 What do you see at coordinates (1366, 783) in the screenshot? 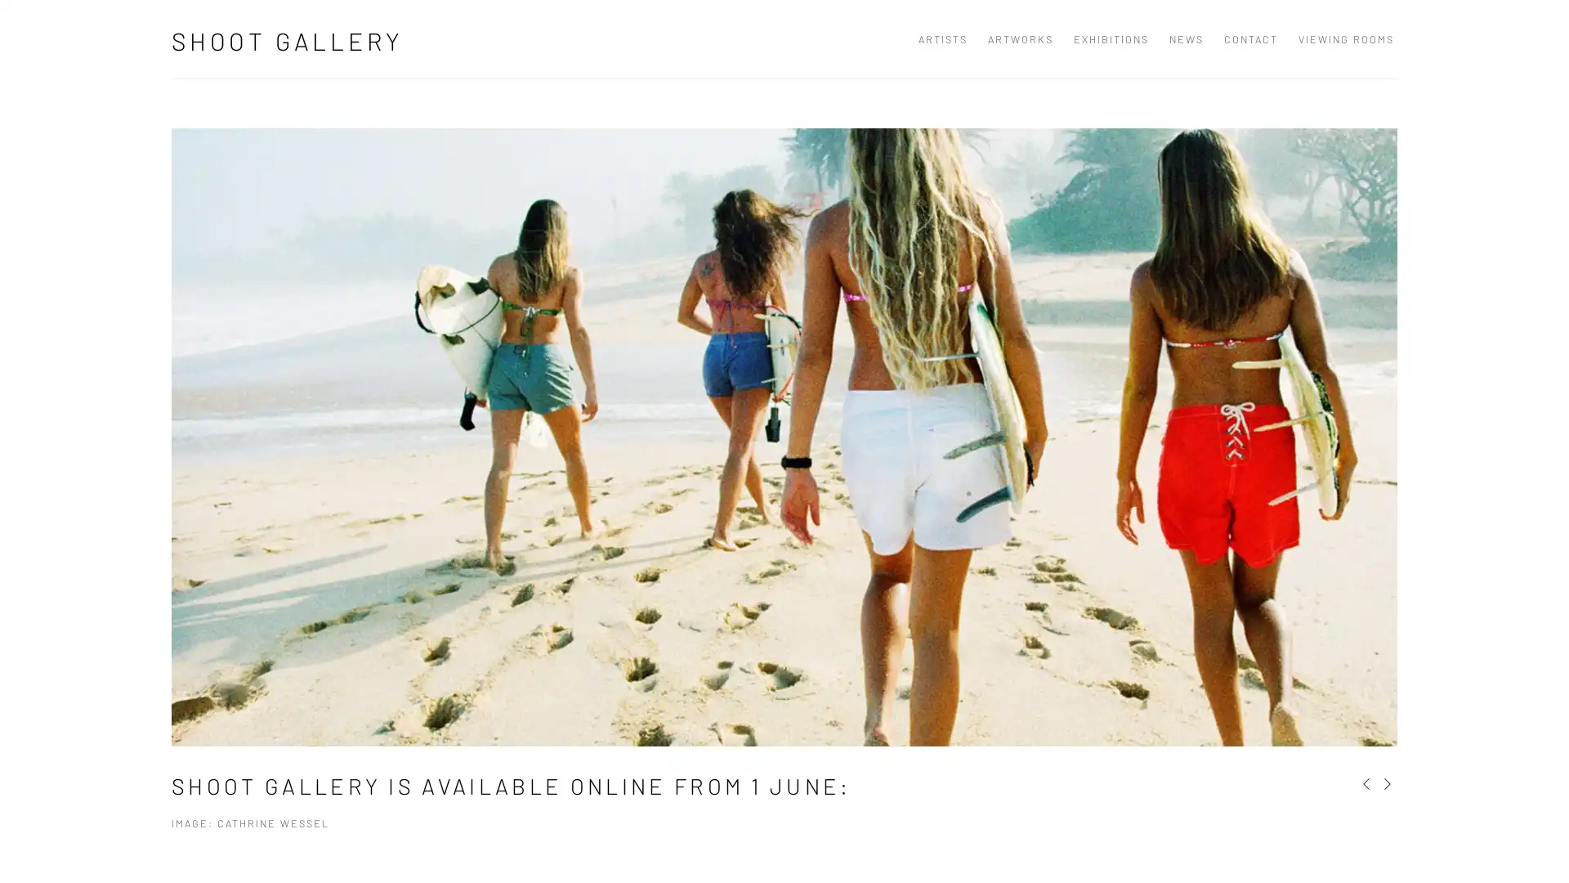
I see `Previous slide` at bounding box center [1366, 783].